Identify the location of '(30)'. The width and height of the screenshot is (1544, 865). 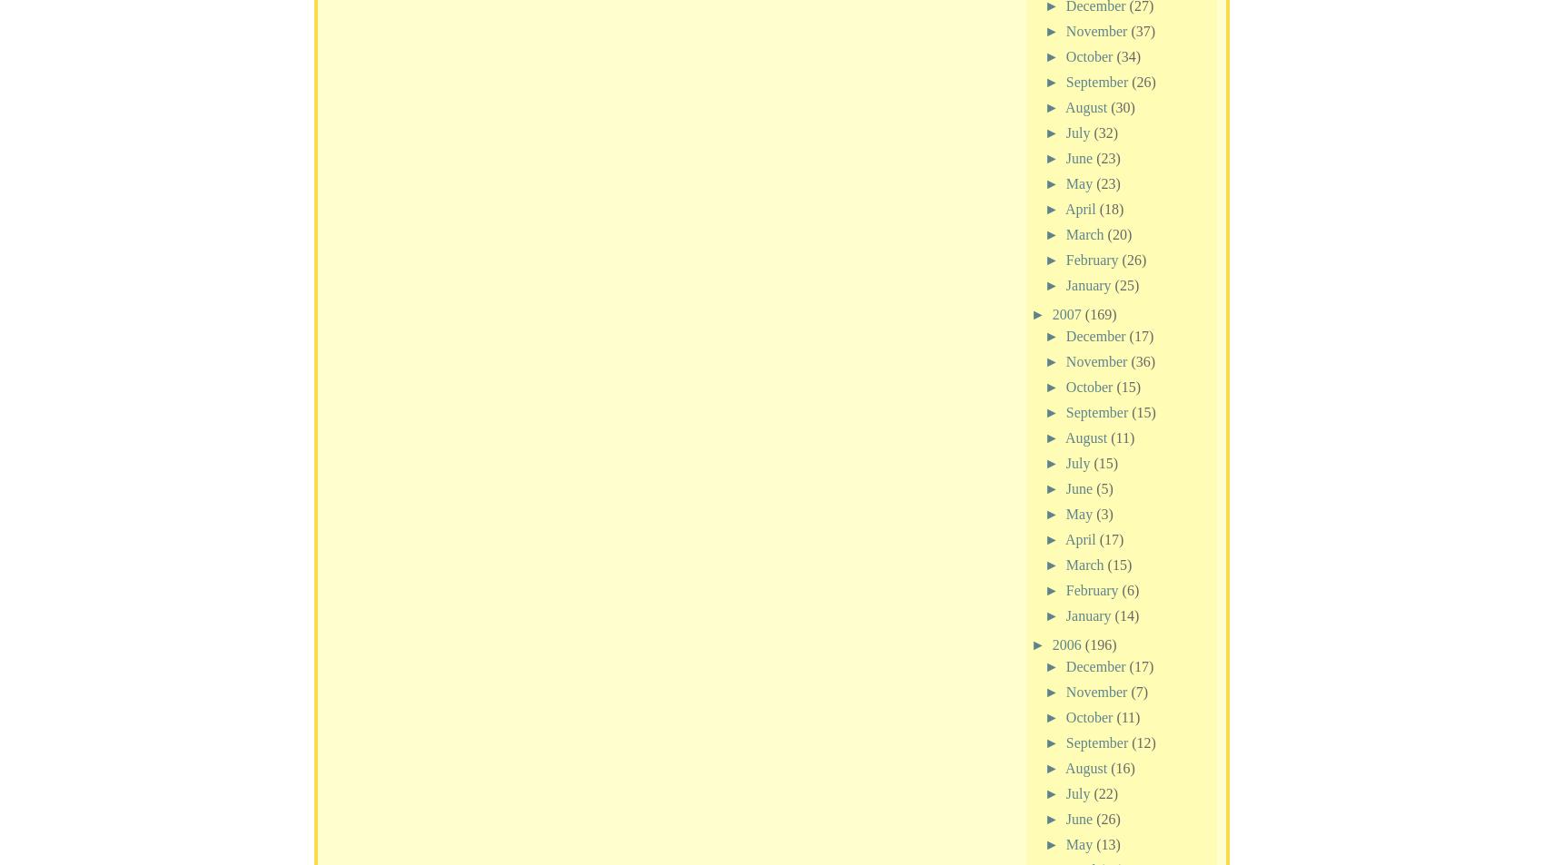
(1122, 105).